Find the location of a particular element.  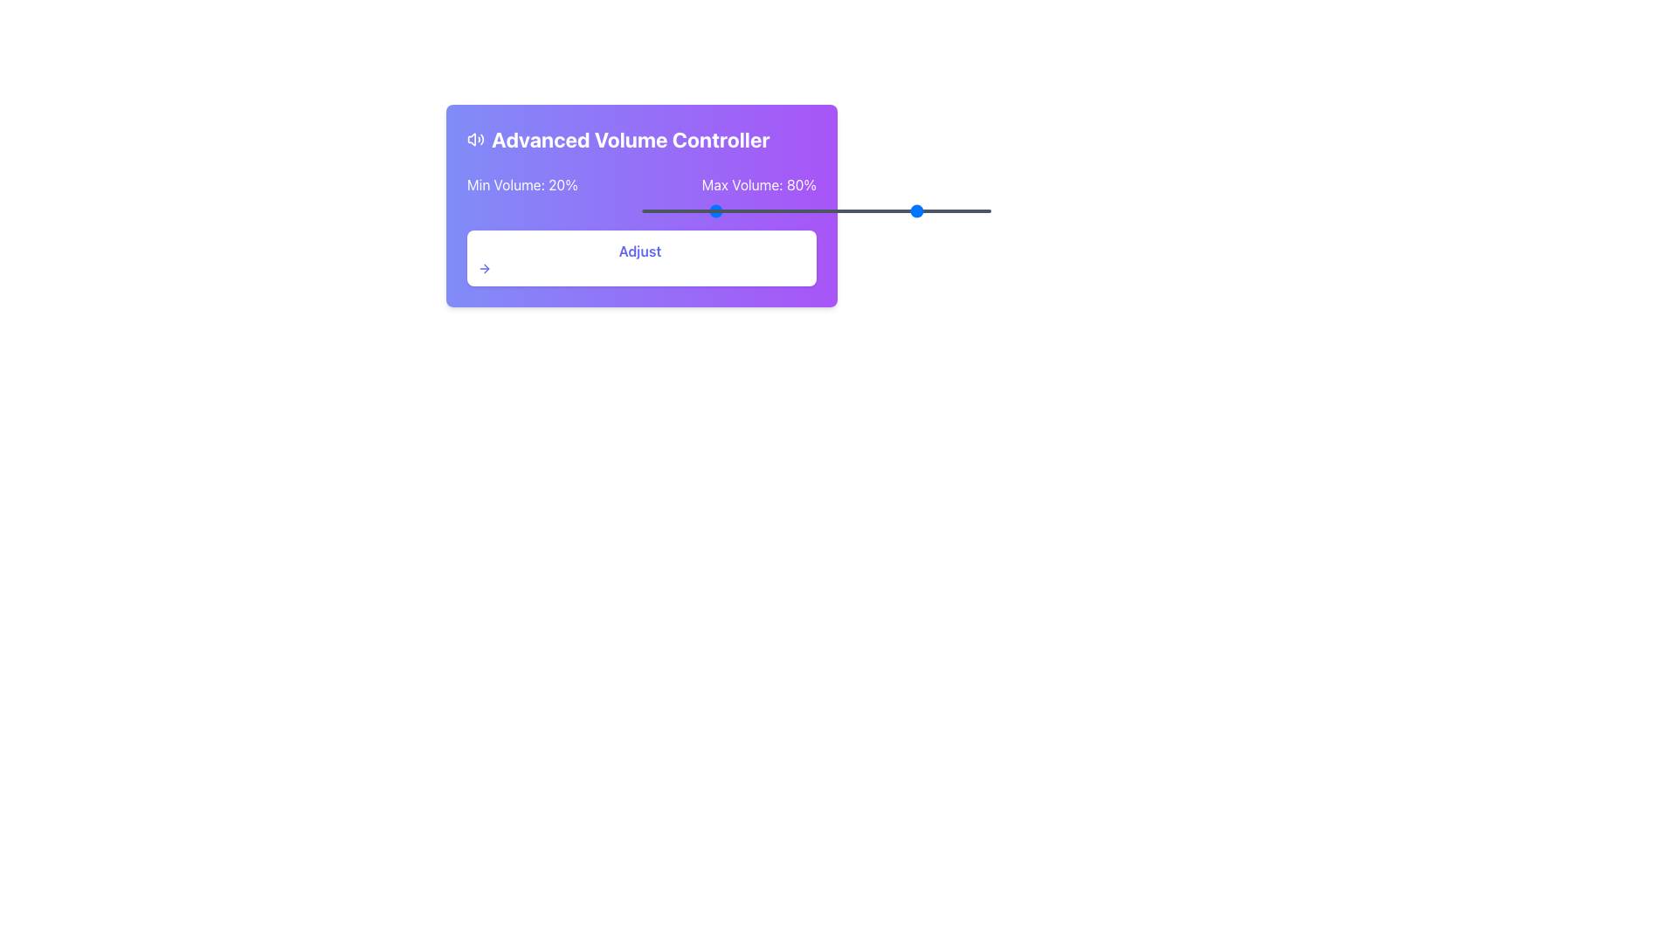

the slider is located at coordinates (694, 210).